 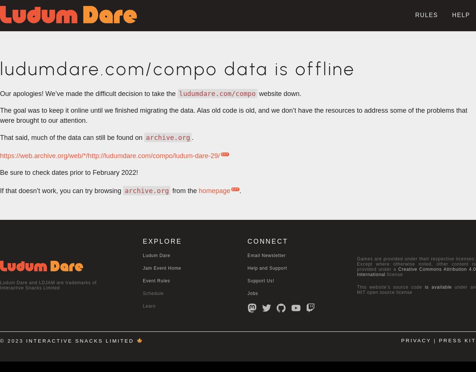 What do you see at coordinates (393, 274) in the screenshot?
I see `'license'` at bounding box center [393, 274].